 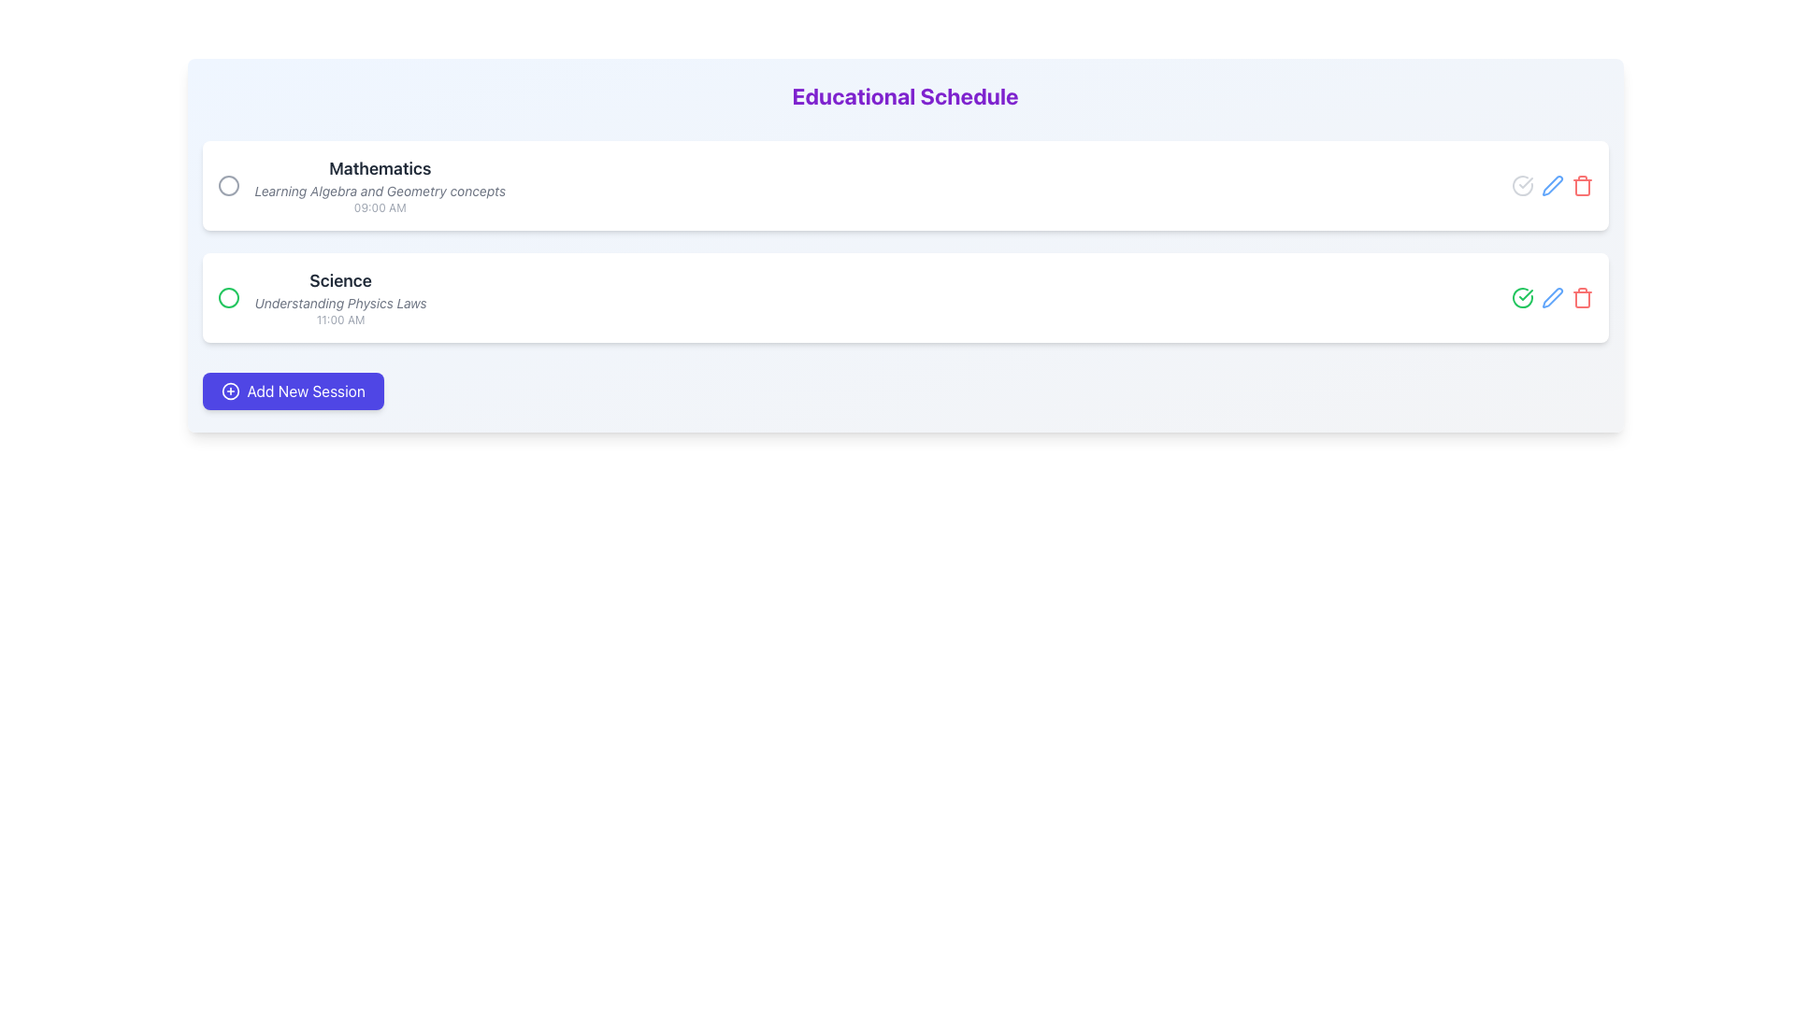 I want to click on the status indication represented by the green circle icon located to the left of the 'Science' session title in the schedule card, so click(x=227, y=297).